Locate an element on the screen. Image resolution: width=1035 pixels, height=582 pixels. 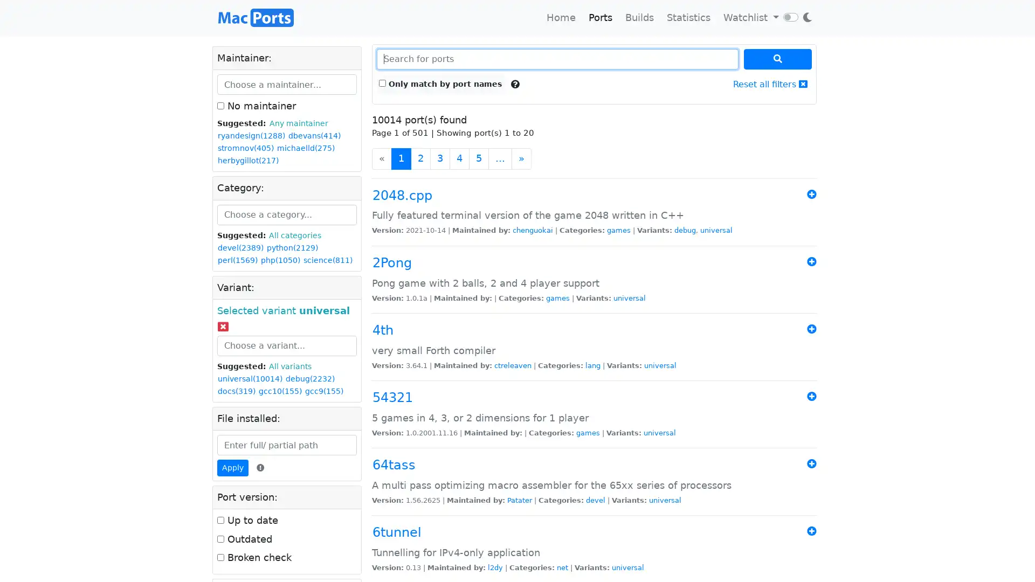
All categories is located at coordinates (295, 234).